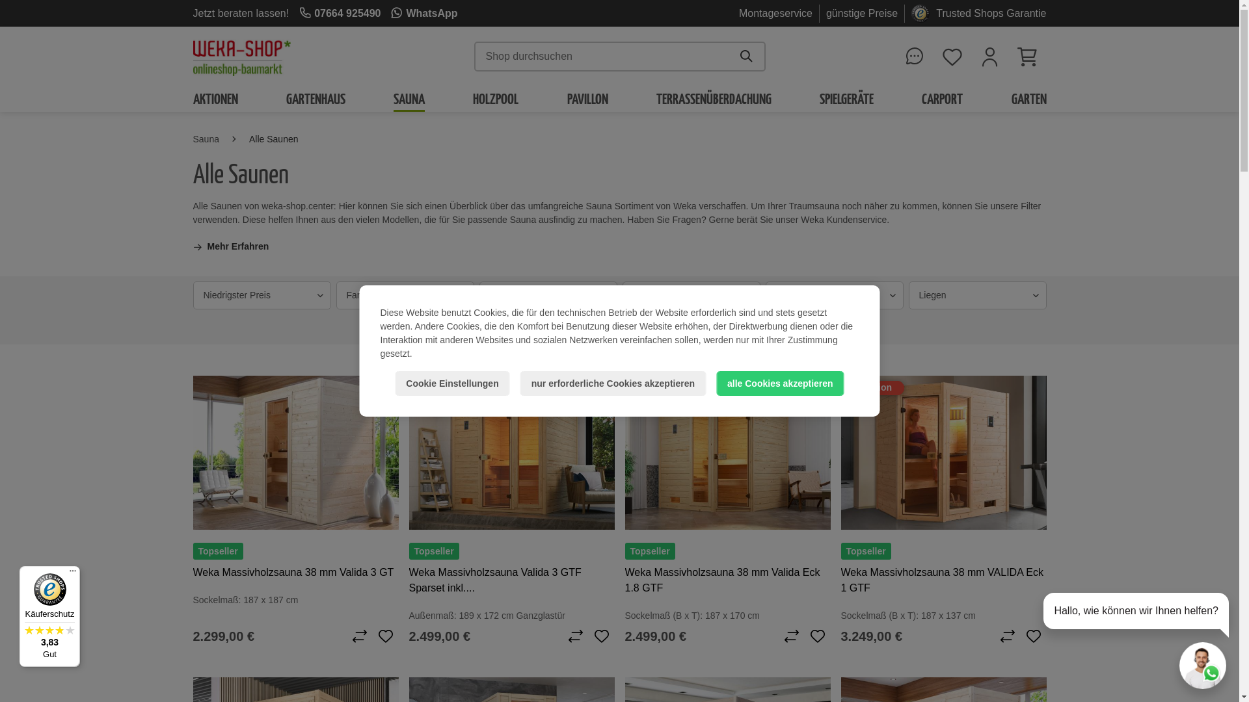 The image size is (1249, 702). I want to click on 'GARTEN', so click(1010, 97).